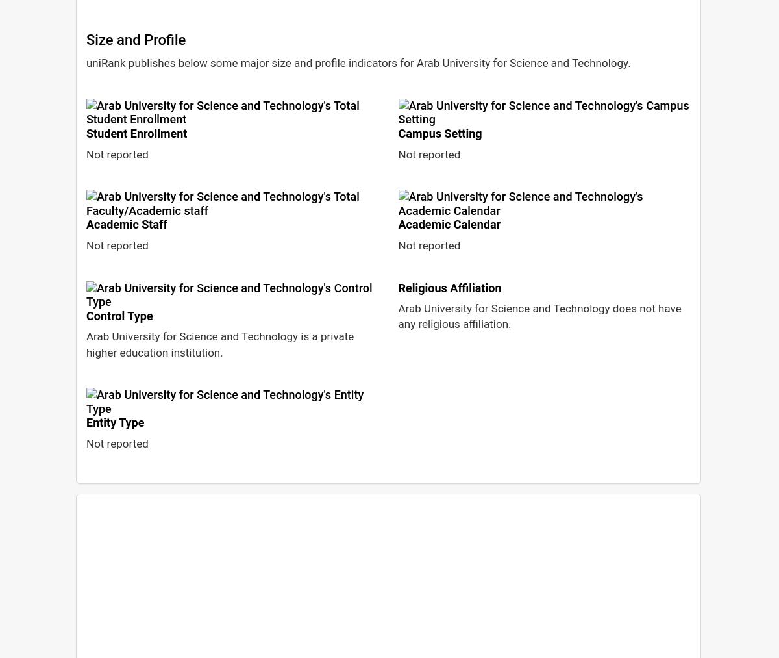 Image resolution: width=779 pixels, height=658 pixels. What do you see at coordinates (135, 38) in the screenshot?
I see `'Size and Profile'` at bounding box center [135, 38].